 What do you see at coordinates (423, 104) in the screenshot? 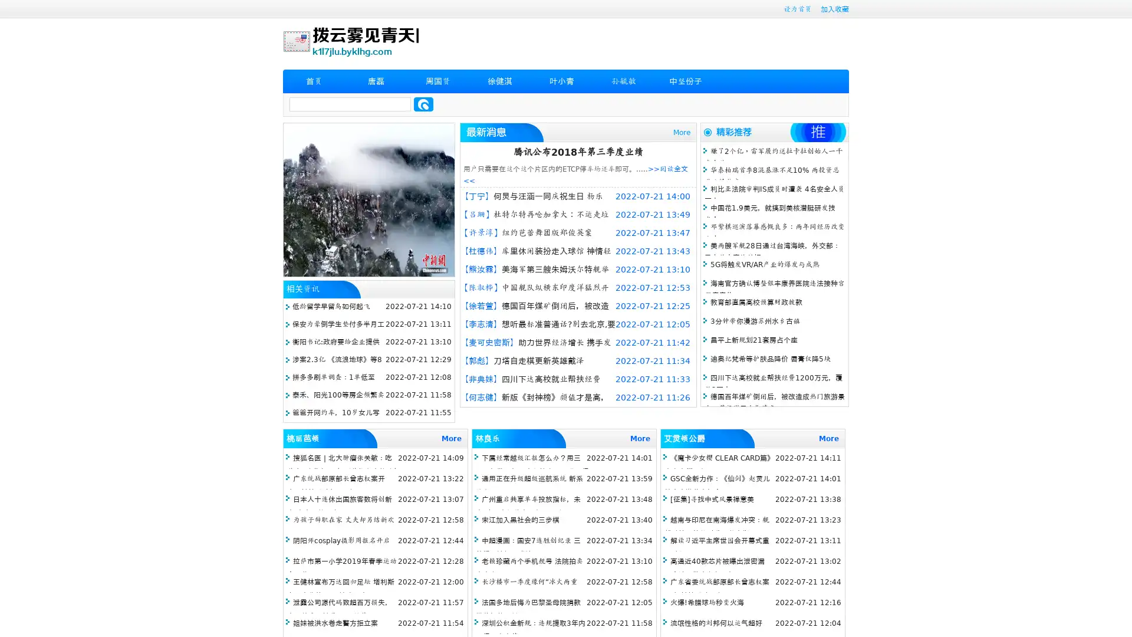
I see `Search` at bounding box center [423, 104].